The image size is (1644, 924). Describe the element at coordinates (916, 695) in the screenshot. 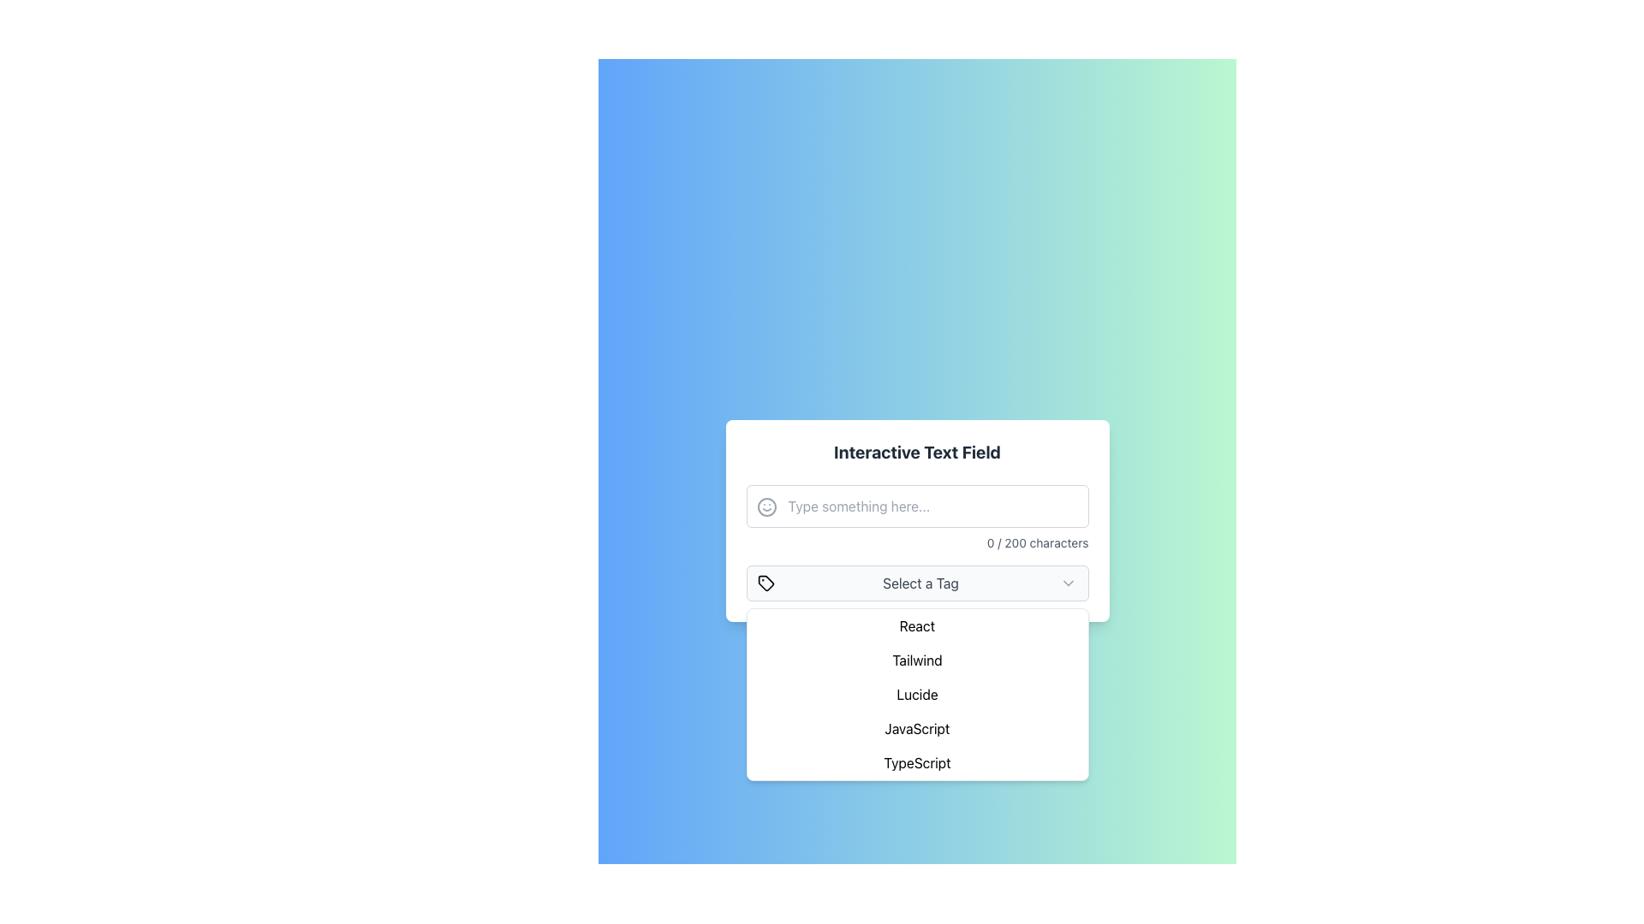

I see `an item in the vertically stacked dropdown menu located below the 'Select a Tag' button` at that location.